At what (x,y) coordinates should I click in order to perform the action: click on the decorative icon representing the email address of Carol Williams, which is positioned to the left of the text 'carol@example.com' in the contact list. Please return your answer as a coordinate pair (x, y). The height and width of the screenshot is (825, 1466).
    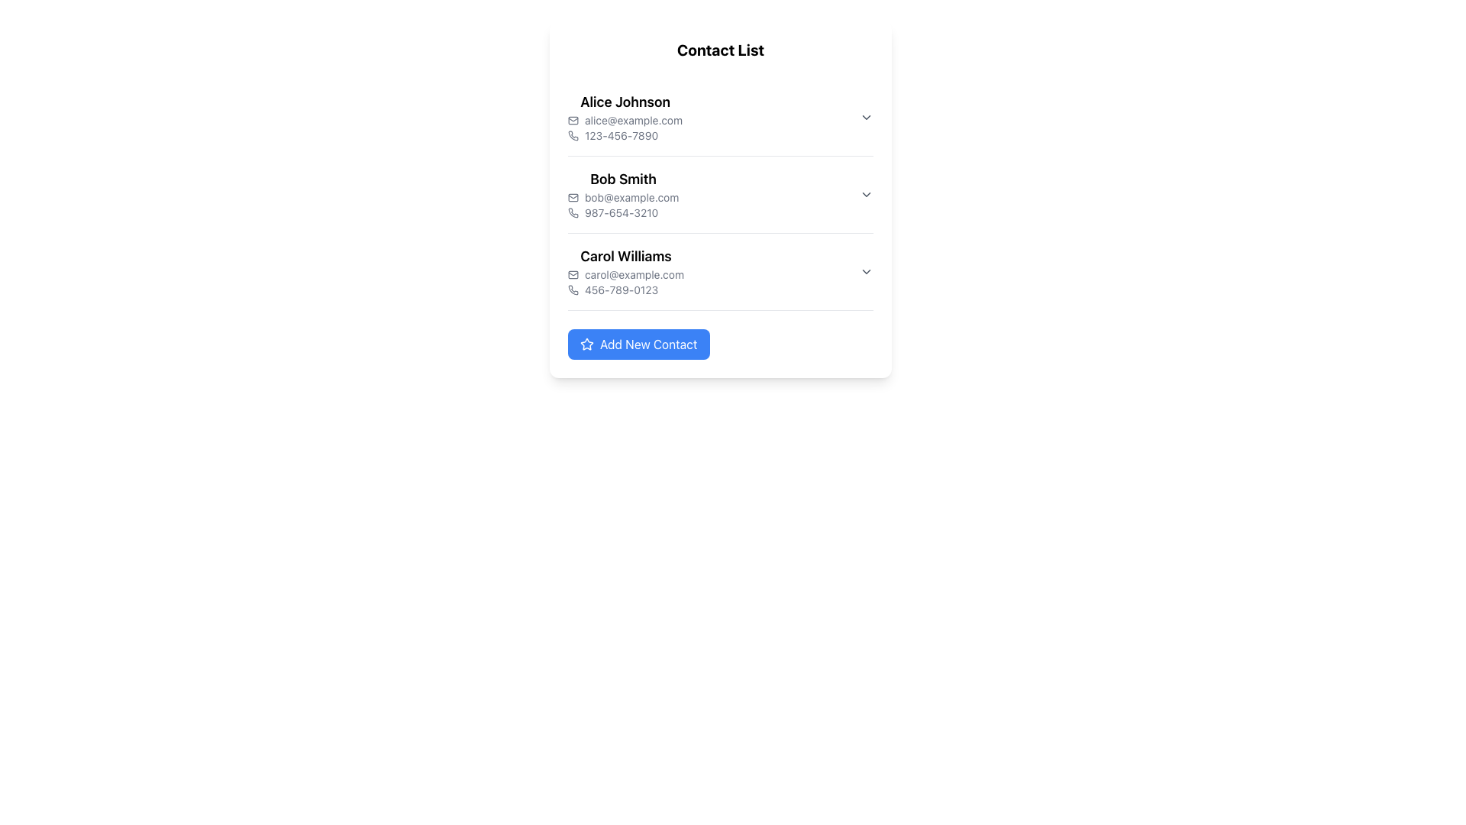
    Looking at the image, I should click on (572, 273).